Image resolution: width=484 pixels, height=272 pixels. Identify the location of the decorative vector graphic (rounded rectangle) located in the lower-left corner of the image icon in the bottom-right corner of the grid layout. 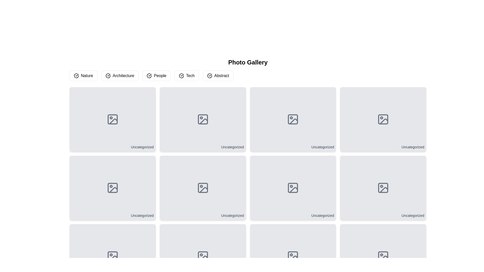
(293, 256).